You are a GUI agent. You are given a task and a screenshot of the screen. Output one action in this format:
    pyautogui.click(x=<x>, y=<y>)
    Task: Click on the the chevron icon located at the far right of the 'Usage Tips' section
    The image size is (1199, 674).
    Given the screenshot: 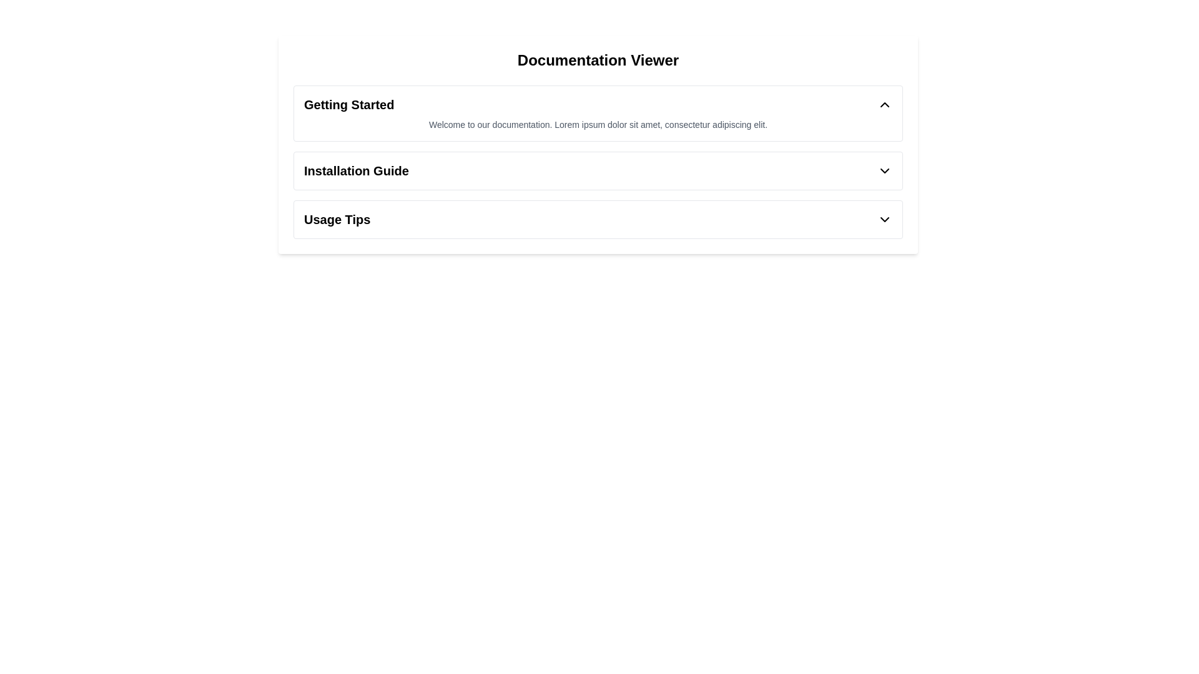 What is the action you would take?
    pyautogui.click(x=884, y=218)
    